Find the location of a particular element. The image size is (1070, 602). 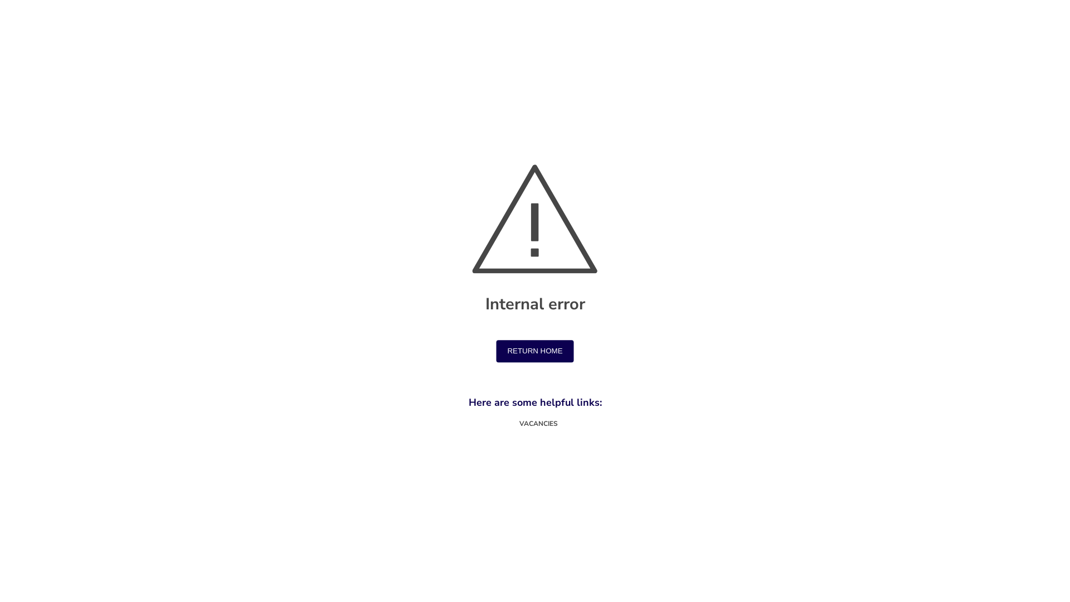

'RETURN HOME' is located at coordinates (534, 350).